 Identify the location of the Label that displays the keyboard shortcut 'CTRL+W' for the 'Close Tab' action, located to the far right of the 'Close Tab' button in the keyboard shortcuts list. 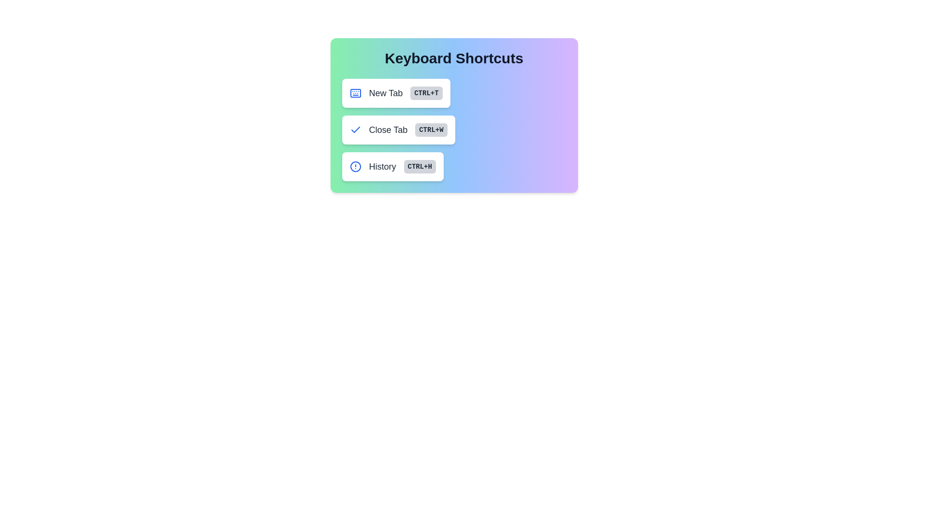
(431, 130).